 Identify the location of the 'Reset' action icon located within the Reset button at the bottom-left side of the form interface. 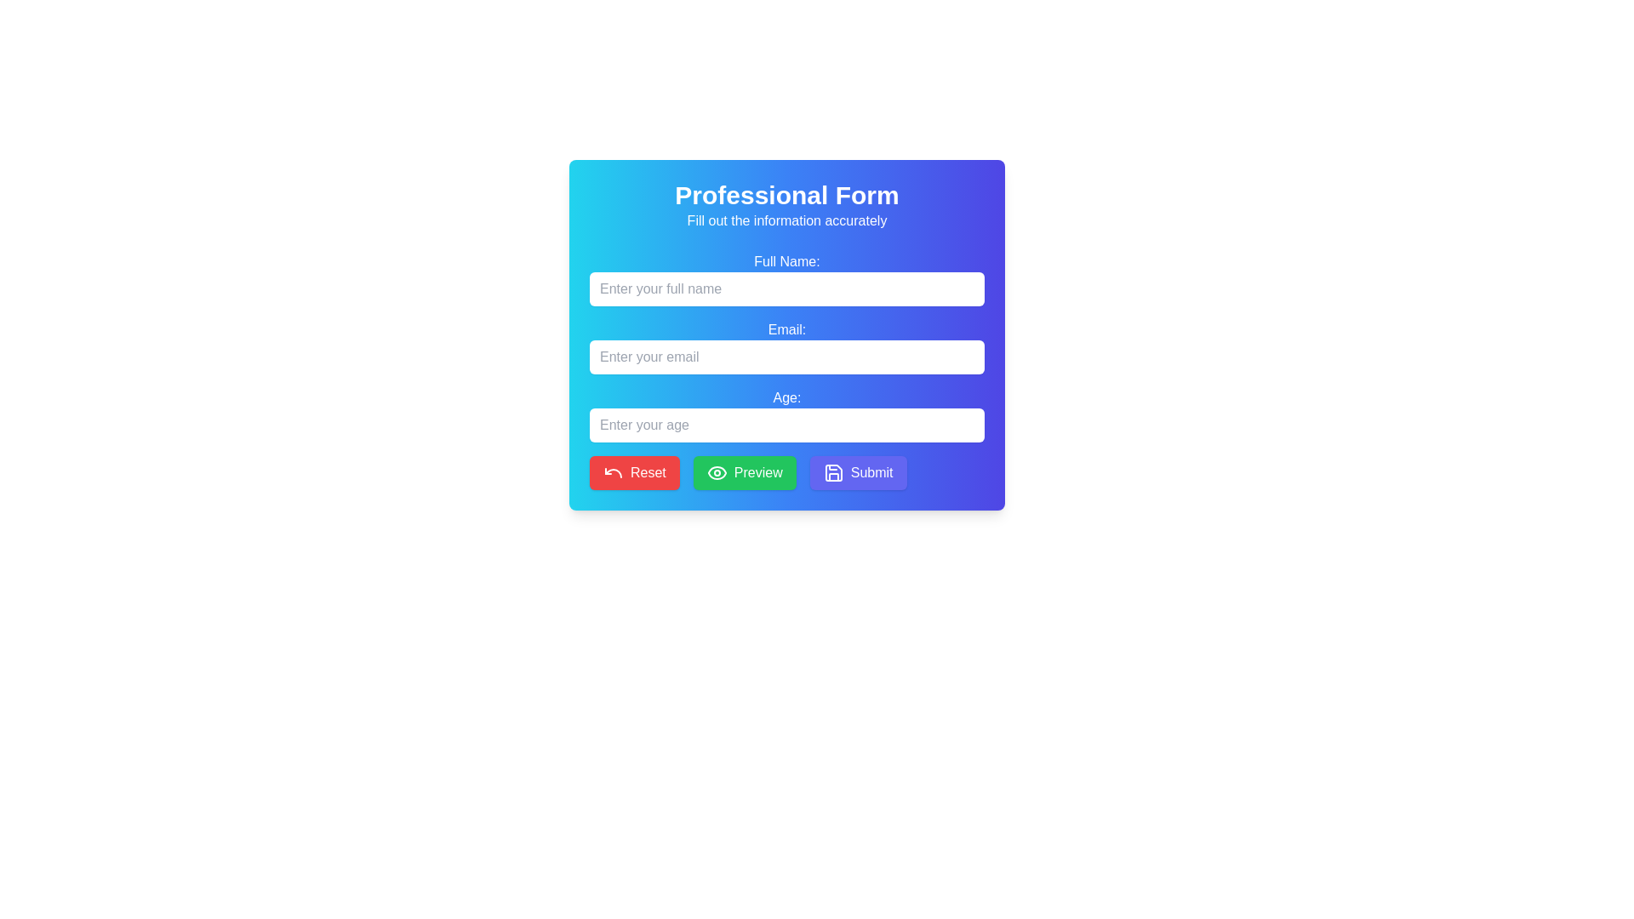
(613, 472).